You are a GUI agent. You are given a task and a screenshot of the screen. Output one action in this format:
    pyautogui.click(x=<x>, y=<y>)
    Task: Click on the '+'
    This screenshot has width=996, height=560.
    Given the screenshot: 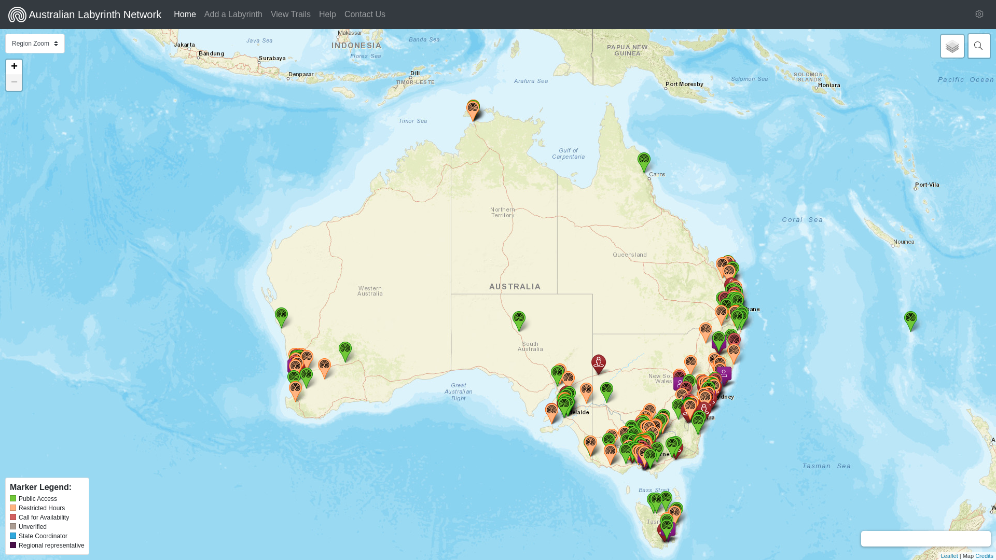 What is the action you would take?
    pyautogui.click(x=14, y=67)
    